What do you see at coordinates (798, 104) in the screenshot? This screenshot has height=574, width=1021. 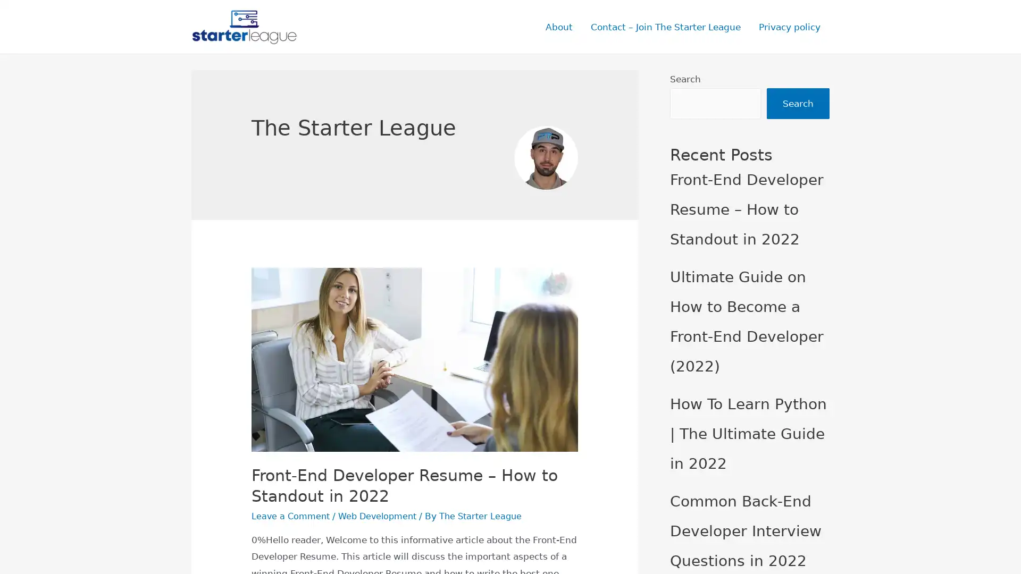 I see `Search` at bounding box center [798, 104].